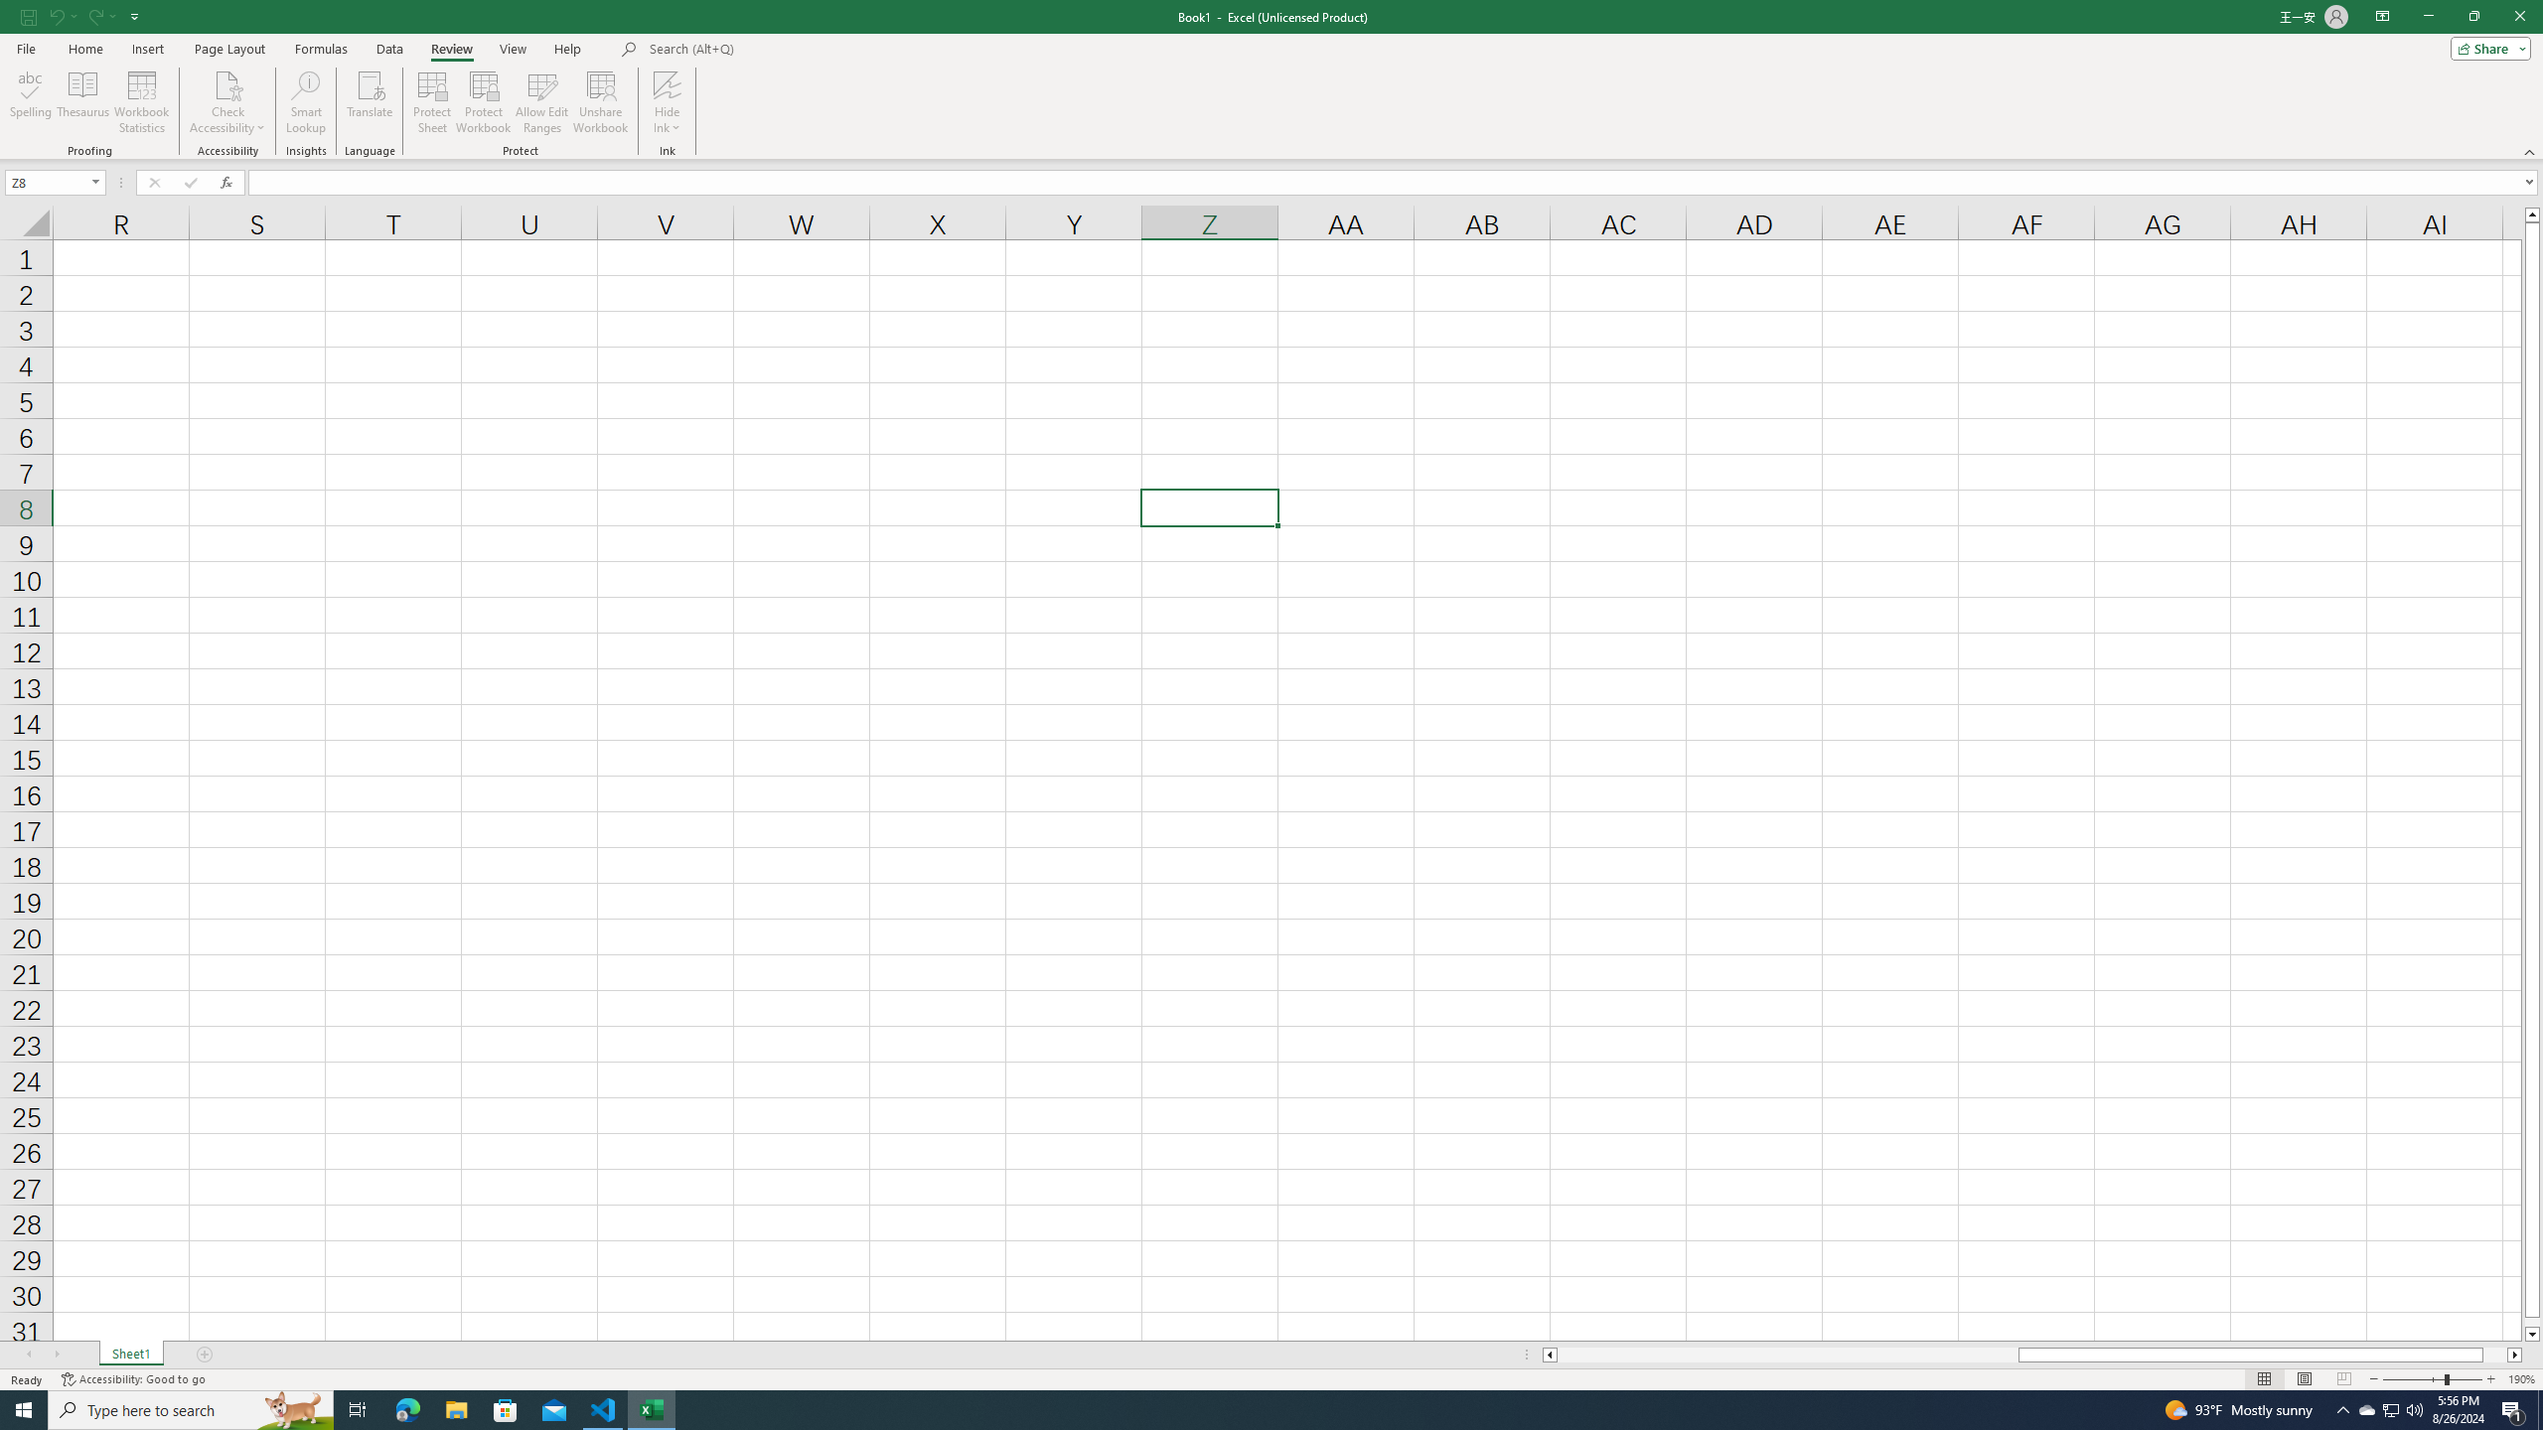 The image size is (2543, 1430). Describe the element at coordinates (2431, 1379) in the screenshot. I see `'Zoom'` at that location.